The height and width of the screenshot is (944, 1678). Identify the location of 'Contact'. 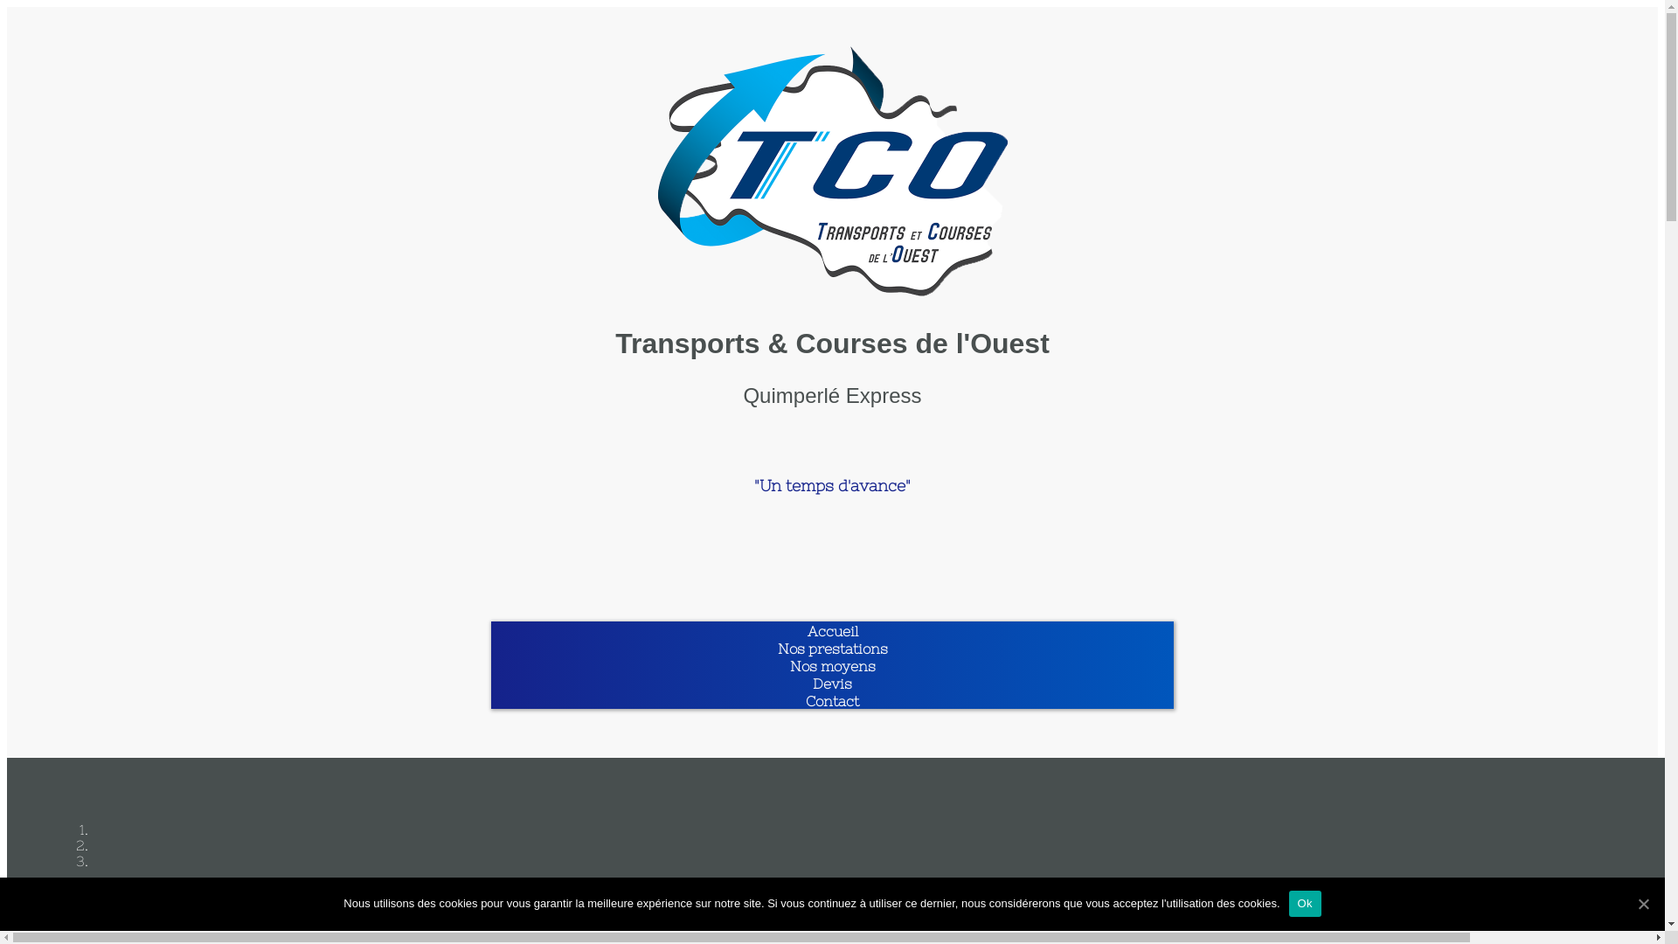
(831, 700).